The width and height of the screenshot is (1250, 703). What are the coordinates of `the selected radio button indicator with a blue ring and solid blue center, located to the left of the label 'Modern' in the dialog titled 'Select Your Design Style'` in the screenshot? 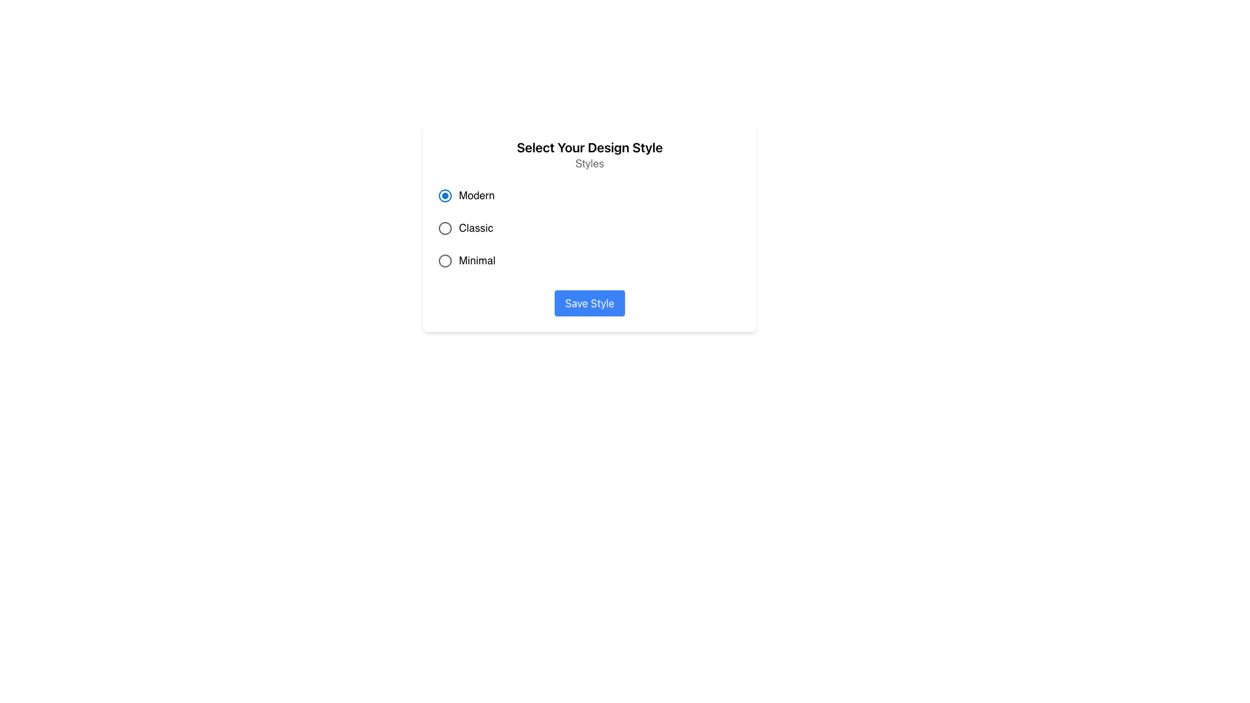 It's located at (445, 195).